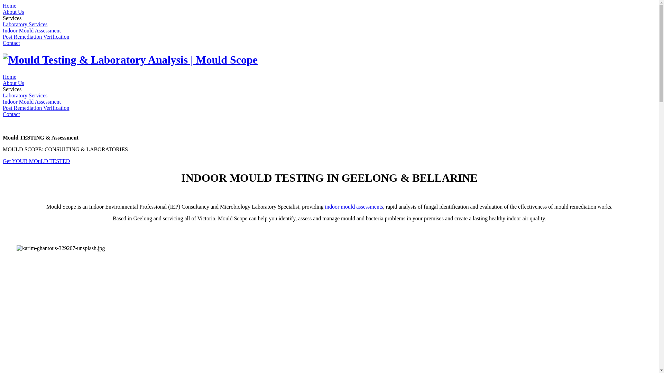 This screenshot has width=664, height=373. Describe the element at coordinates (31, 30) in the screenshot. I see `'Indoor Mould Assessment'` at that location.